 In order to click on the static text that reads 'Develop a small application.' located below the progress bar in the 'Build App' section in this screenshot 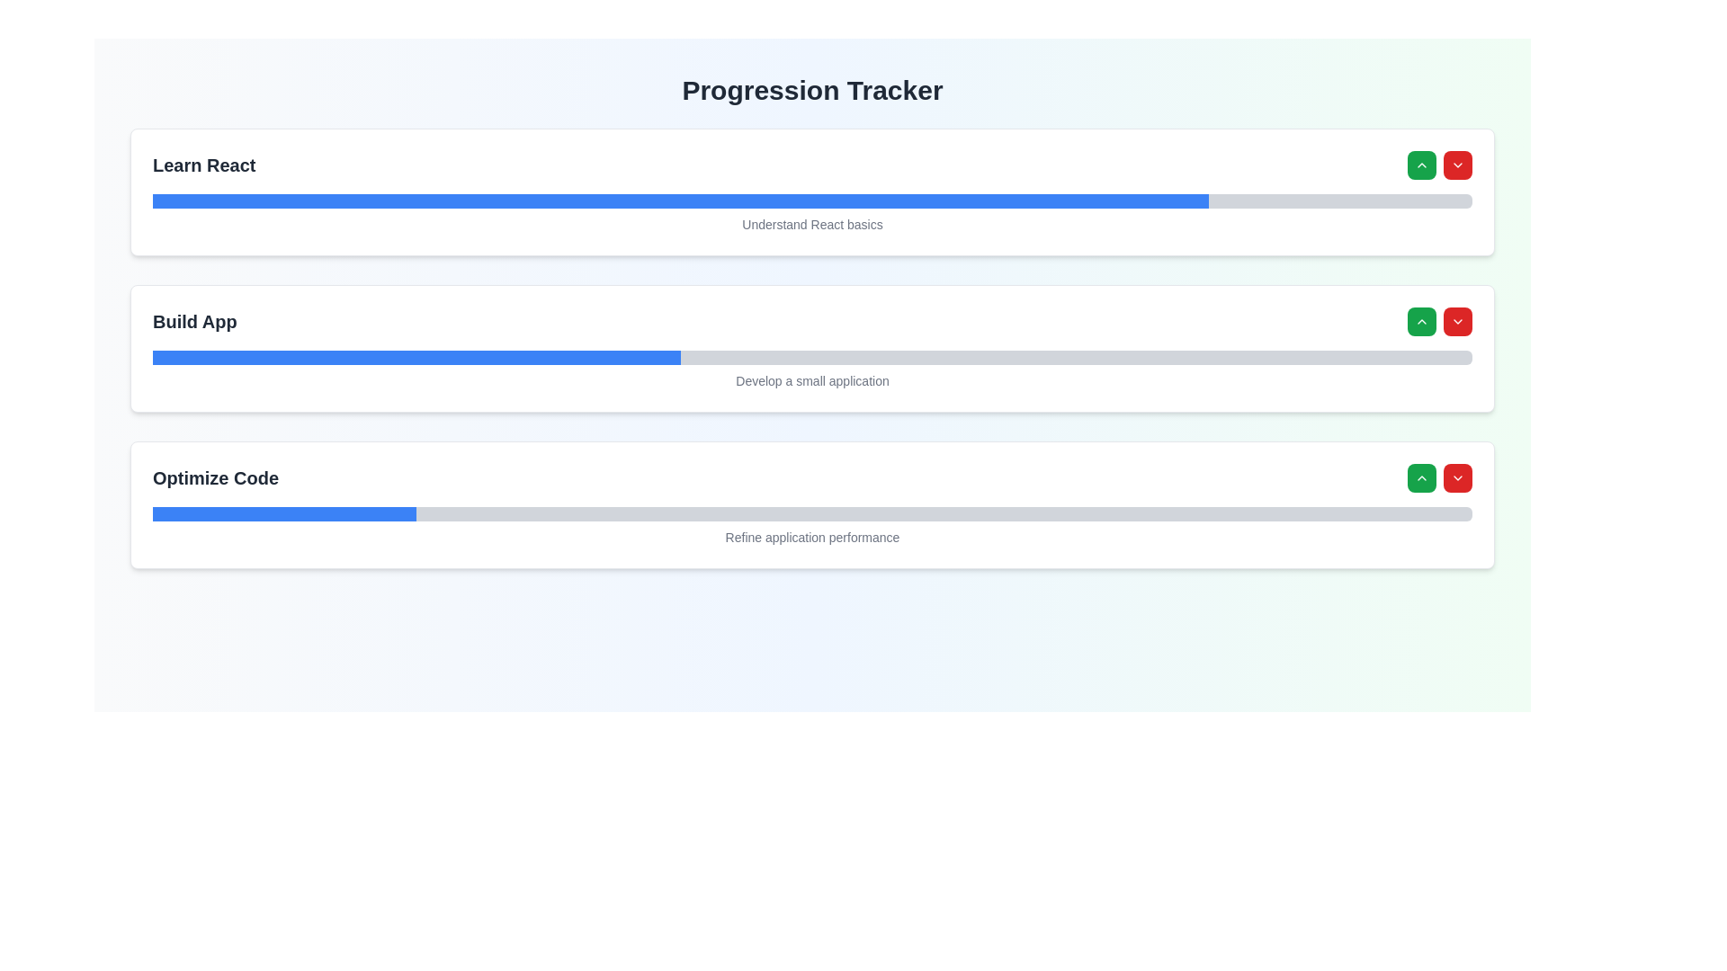, I will do `click(811, 377)`.